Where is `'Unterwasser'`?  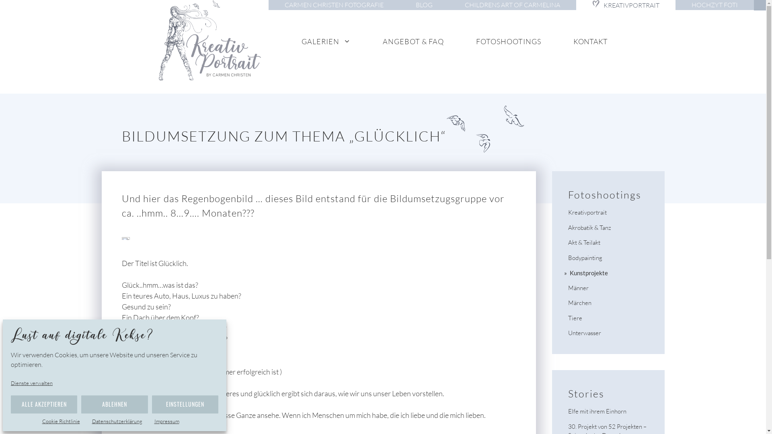 'Unterwasser' is located at coordinates (584, 333).